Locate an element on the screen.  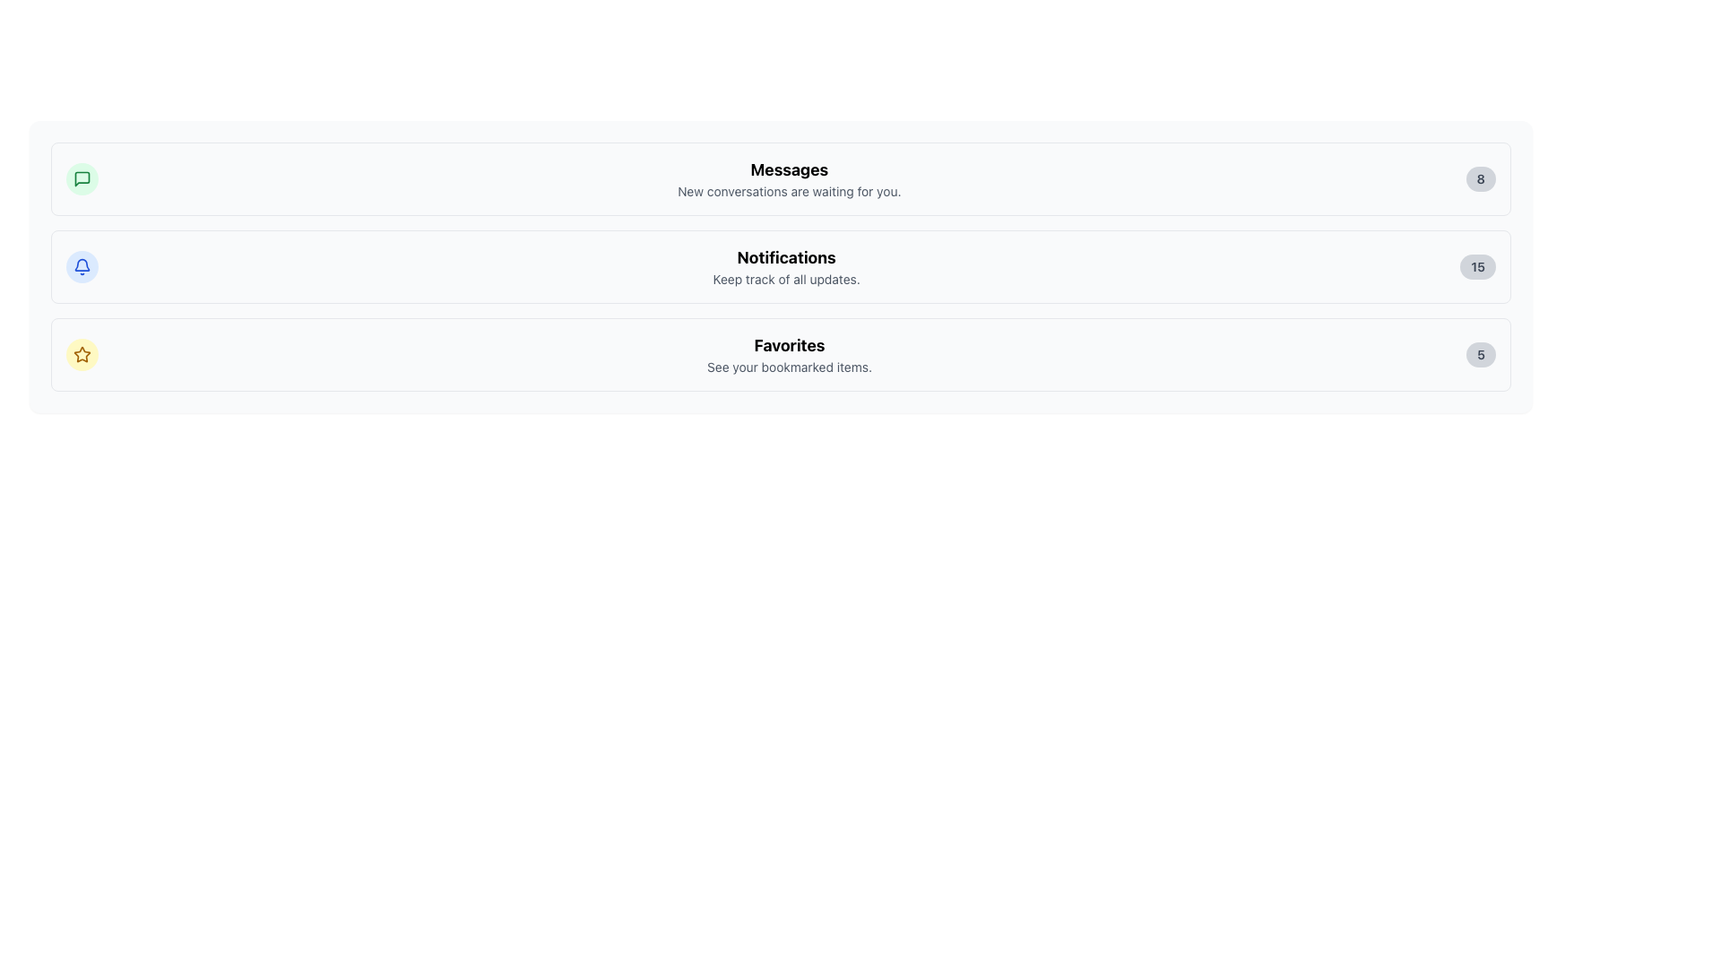
the non-interactive text label indicating the number of notifications in the top-right corner of the notification card labeled 'Notifications Keep track of all updates.' is located at coordinates (1478, 266).